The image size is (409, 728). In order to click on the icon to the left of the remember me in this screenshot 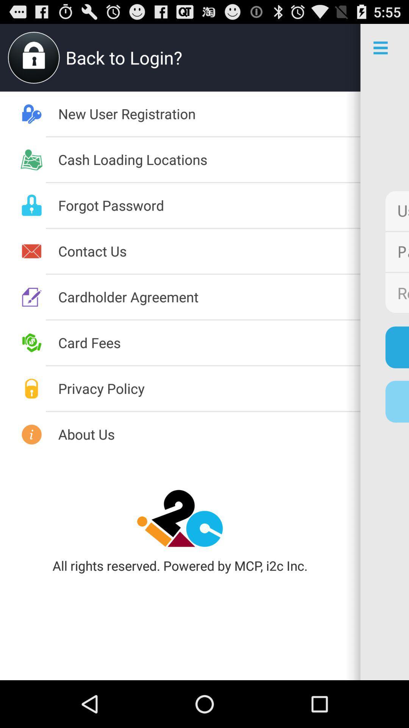, I will do `click(209, 296)`.